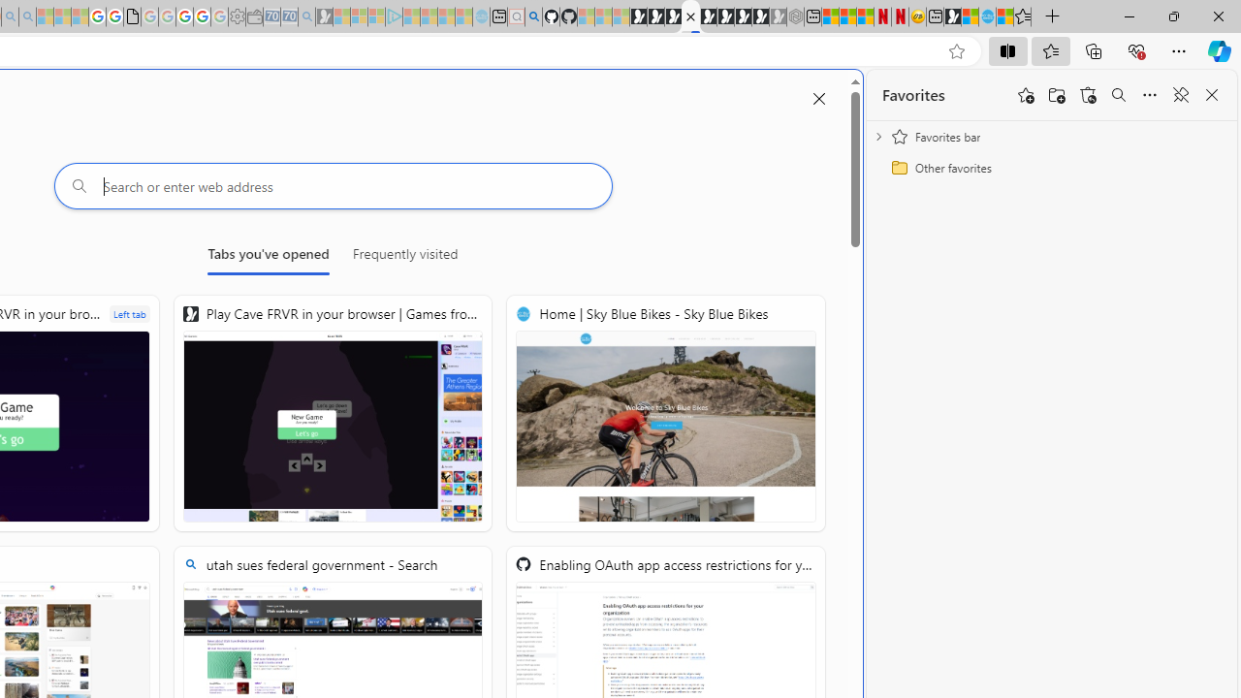 The width and height of the screenshot is (1241, 698). I want to click on 'Frequently visited', so click(404, 257).